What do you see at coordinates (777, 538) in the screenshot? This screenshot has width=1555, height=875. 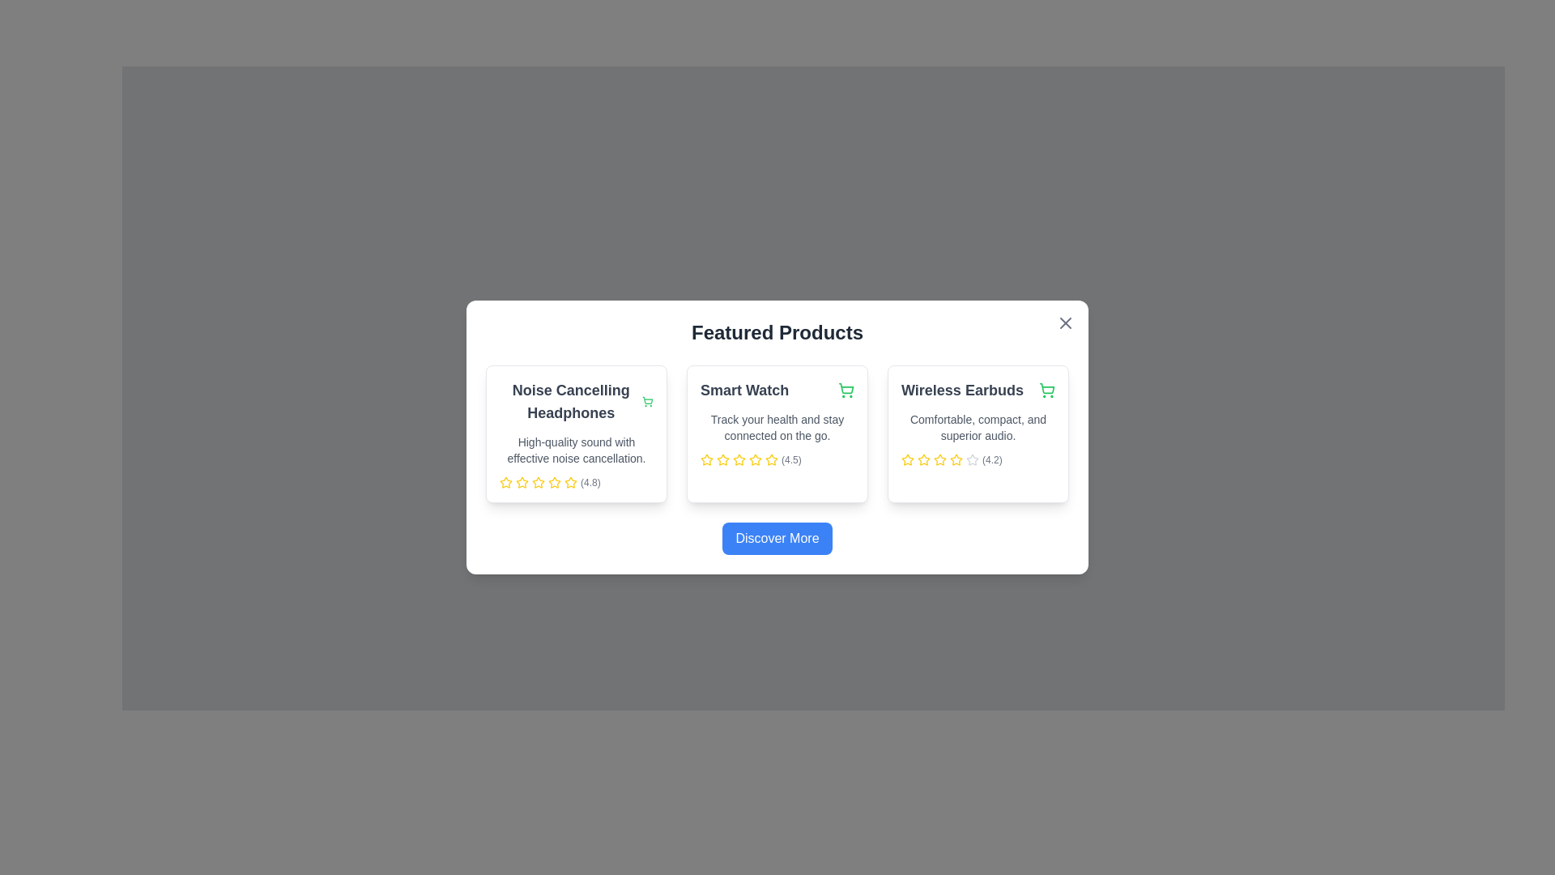 I see `the 'Discover More' button with white text on a blue background for keyboard navigation` at bounding box center [777, 538].